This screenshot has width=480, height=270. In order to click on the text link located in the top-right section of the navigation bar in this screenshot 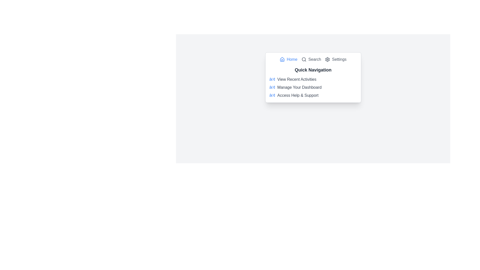, I will do `click(339, 59)`.